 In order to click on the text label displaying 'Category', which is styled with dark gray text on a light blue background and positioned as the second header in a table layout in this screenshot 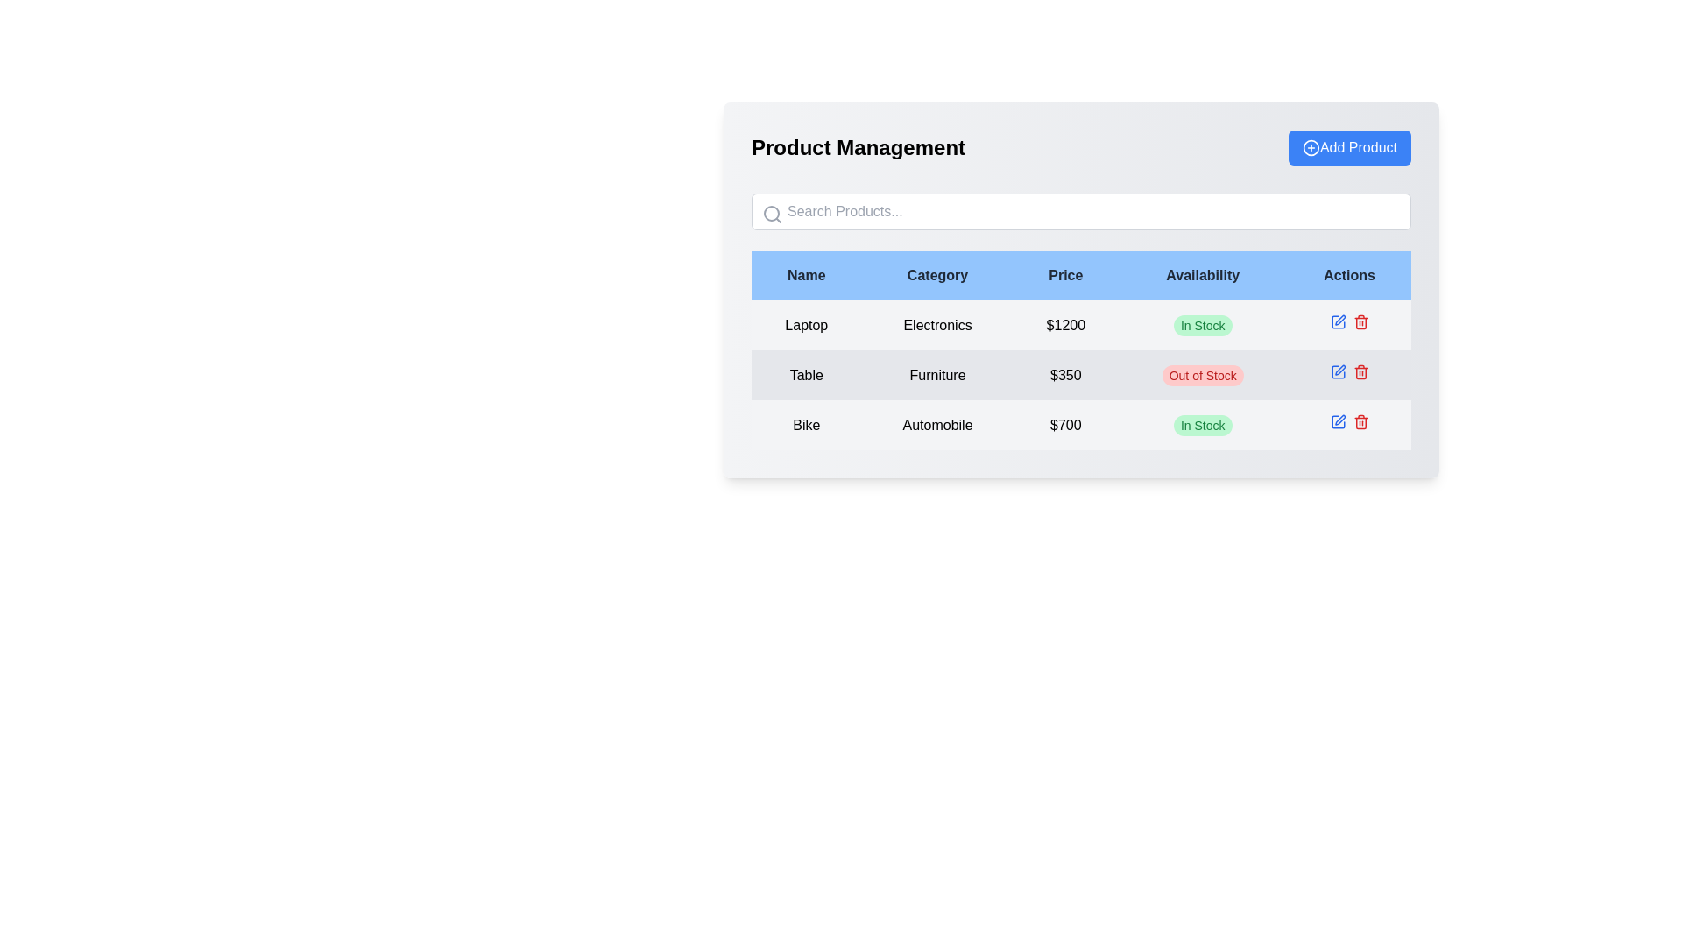, I will do `click(936, 276)`.